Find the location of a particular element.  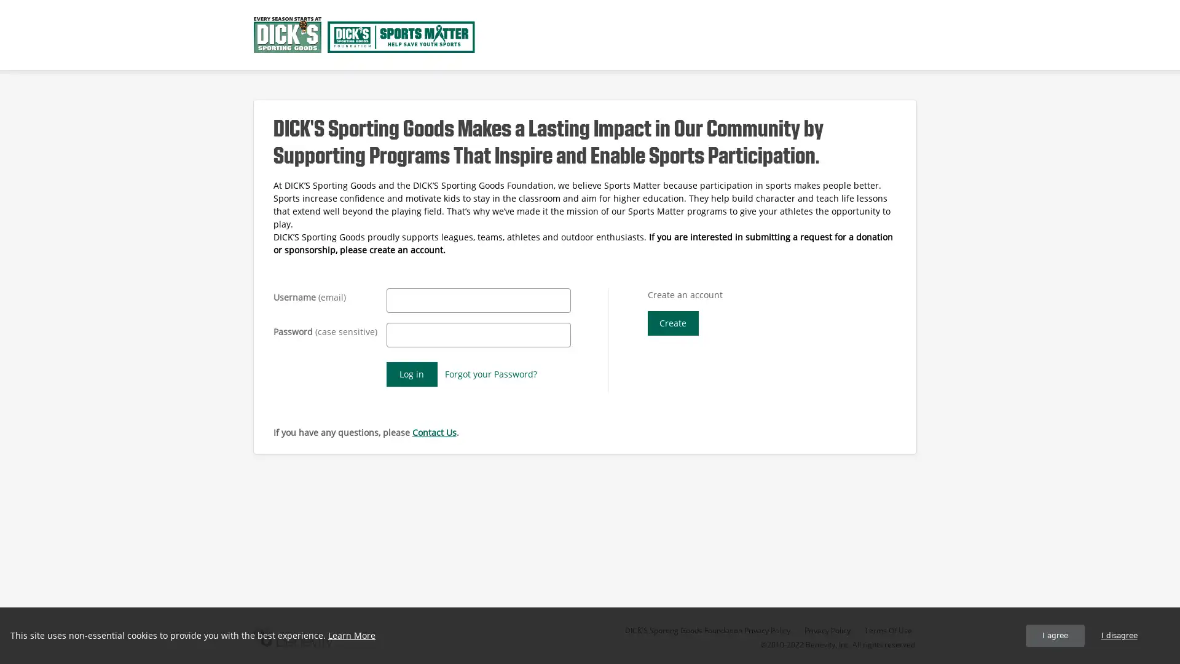

Create is located at coordinates (672, 322).